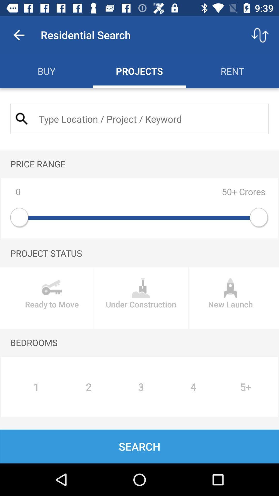 The image size is (279, 496). Describe the element at coordinates (19, 35) in the screenshot. I see `icon next to residential search` at that location.